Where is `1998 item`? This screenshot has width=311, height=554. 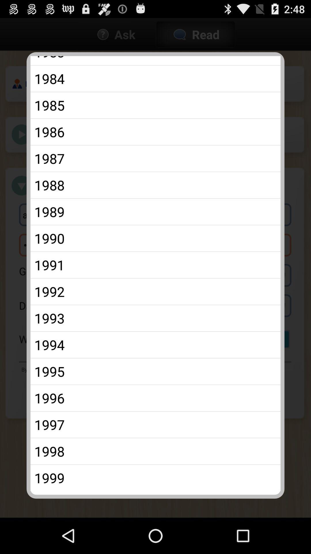
1998 item is located at coordinates (155, 451).